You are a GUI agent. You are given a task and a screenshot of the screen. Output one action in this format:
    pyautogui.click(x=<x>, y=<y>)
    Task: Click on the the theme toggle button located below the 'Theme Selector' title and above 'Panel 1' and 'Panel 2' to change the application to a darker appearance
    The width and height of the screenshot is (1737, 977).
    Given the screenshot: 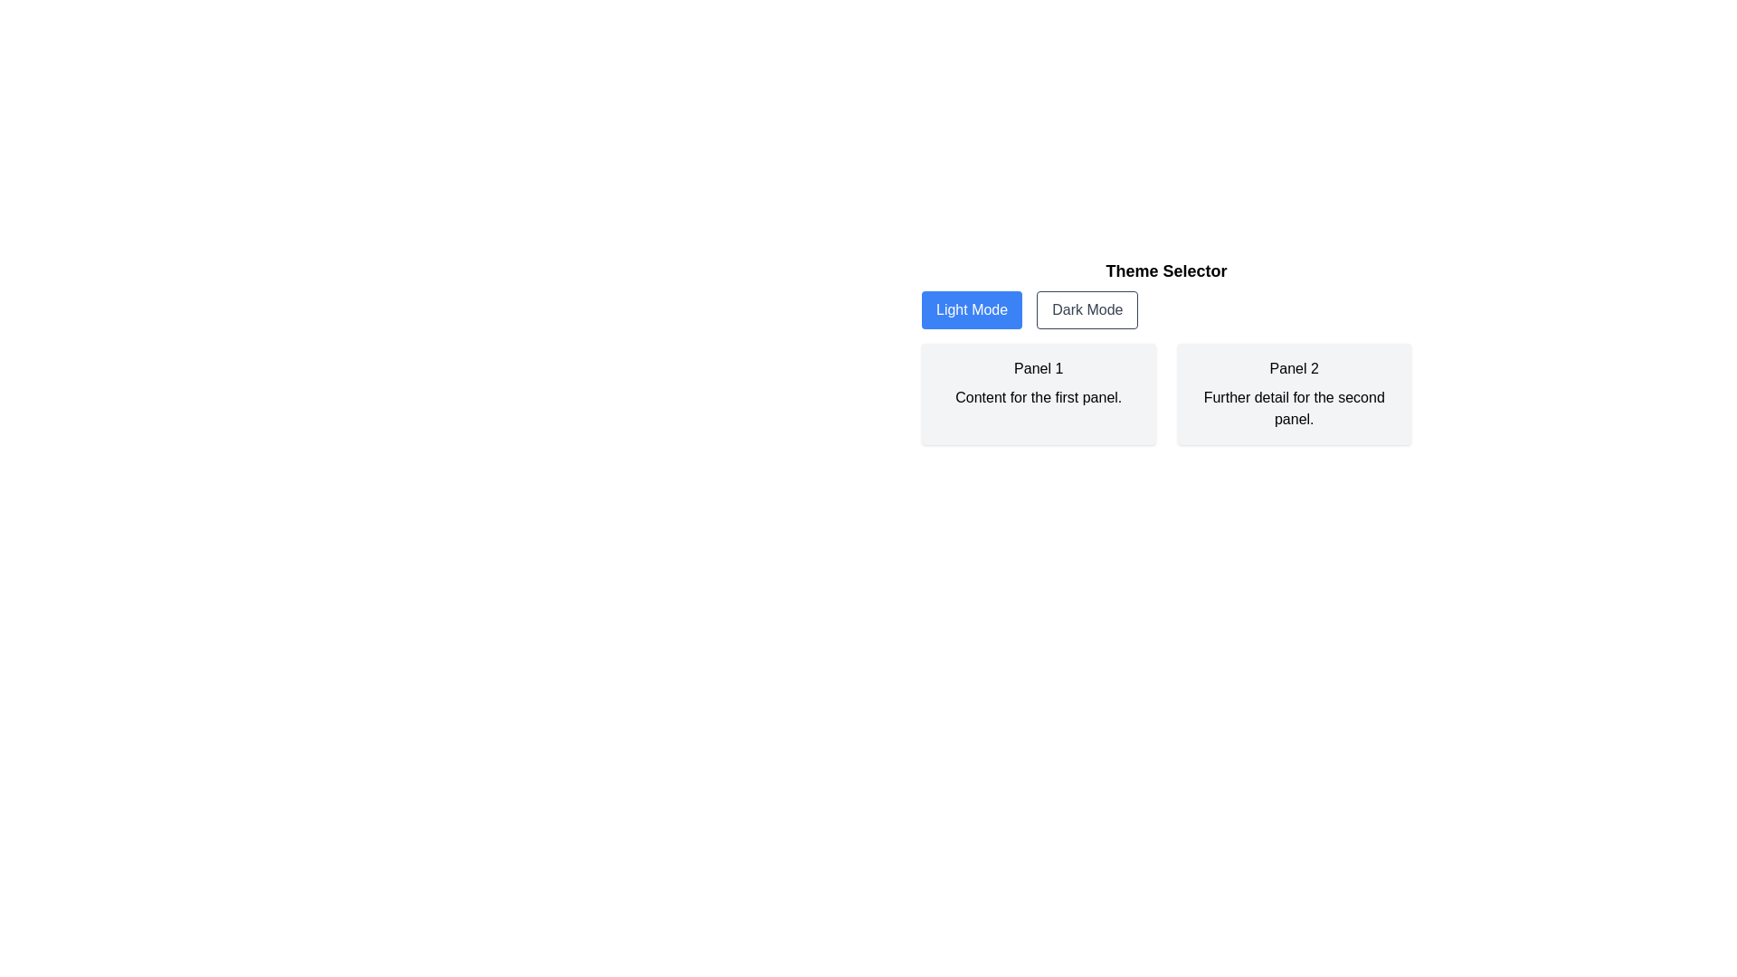 What is the action you would take?
    pyautogui.click(x=1087, y=309)
    